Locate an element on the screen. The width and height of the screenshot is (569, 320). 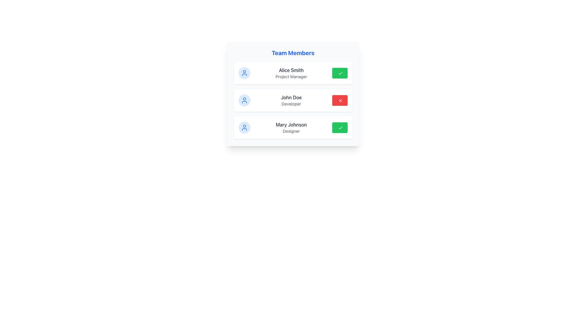
the 'Designer' text label located underneath the name 'Mary Johnson' in her profile card is located at coordinates (291, 131).